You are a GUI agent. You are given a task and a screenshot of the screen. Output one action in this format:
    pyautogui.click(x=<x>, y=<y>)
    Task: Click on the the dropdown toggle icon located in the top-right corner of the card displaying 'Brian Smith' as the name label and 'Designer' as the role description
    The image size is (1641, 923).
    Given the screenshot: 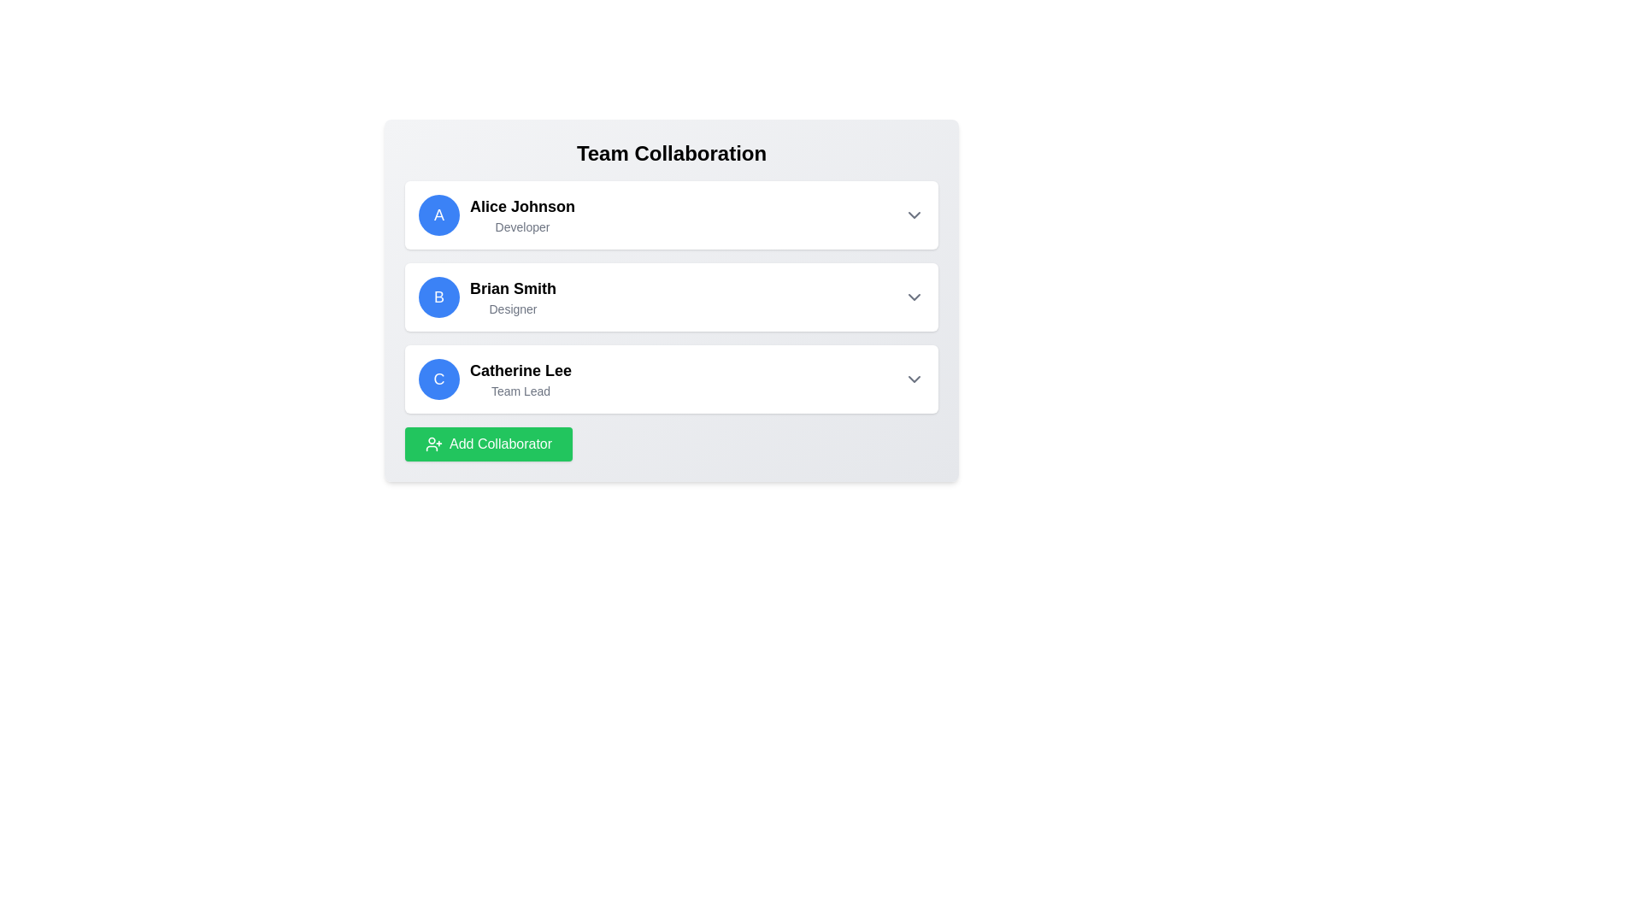 What is the action you would take?
    pyautogui.click(x=914, y=296)
    